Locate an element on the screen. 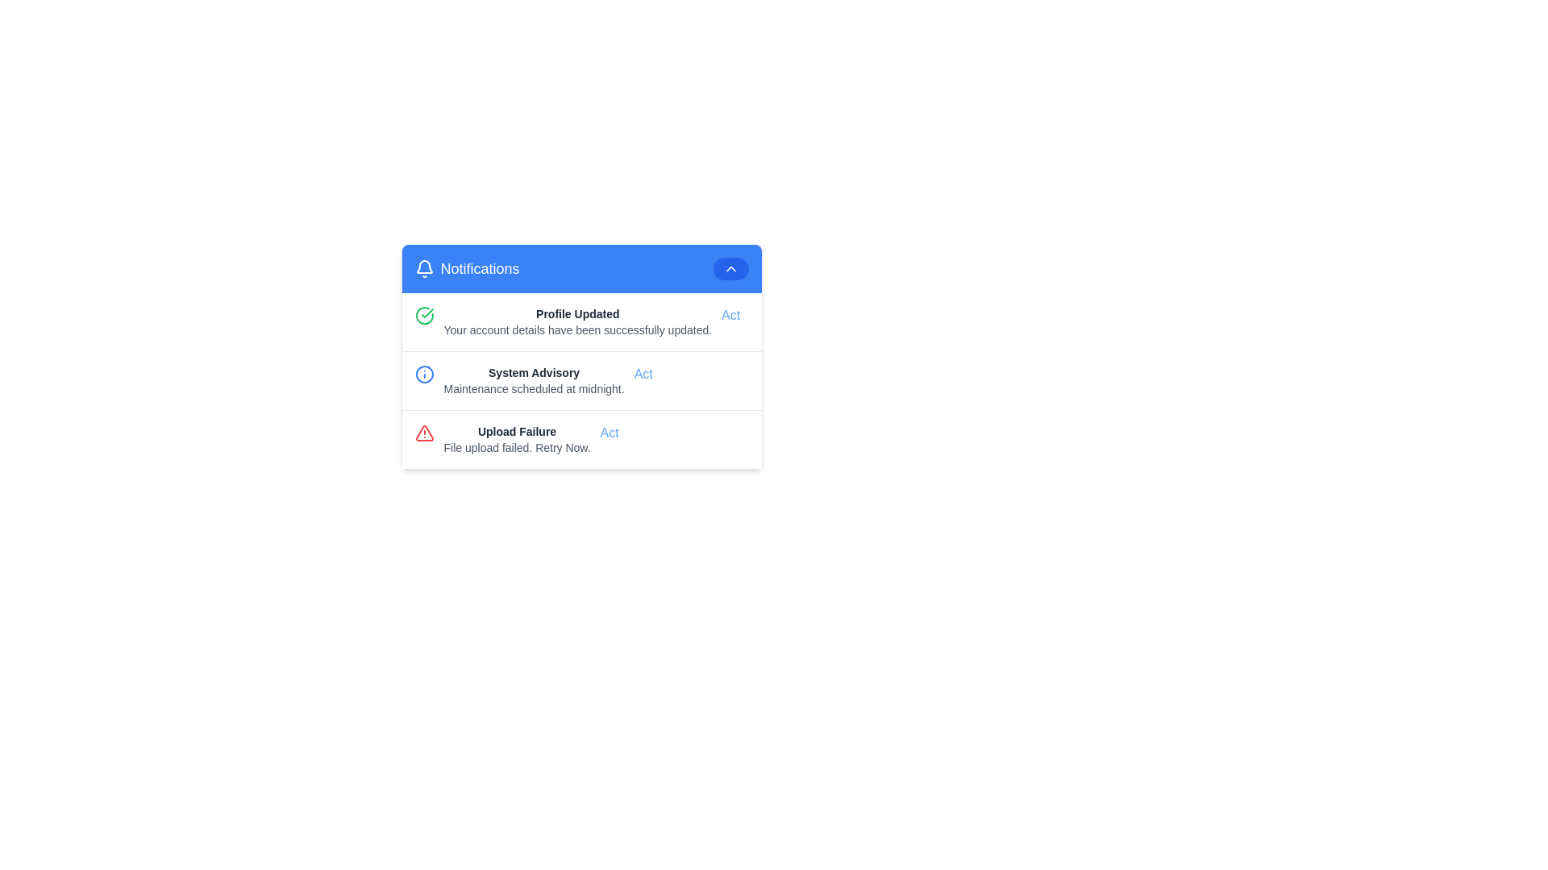 This screenshot has width=1548, height=870. the upward-pointing chevron icon in the upper-right corner of the notification box is located at coordinates (730, 268).